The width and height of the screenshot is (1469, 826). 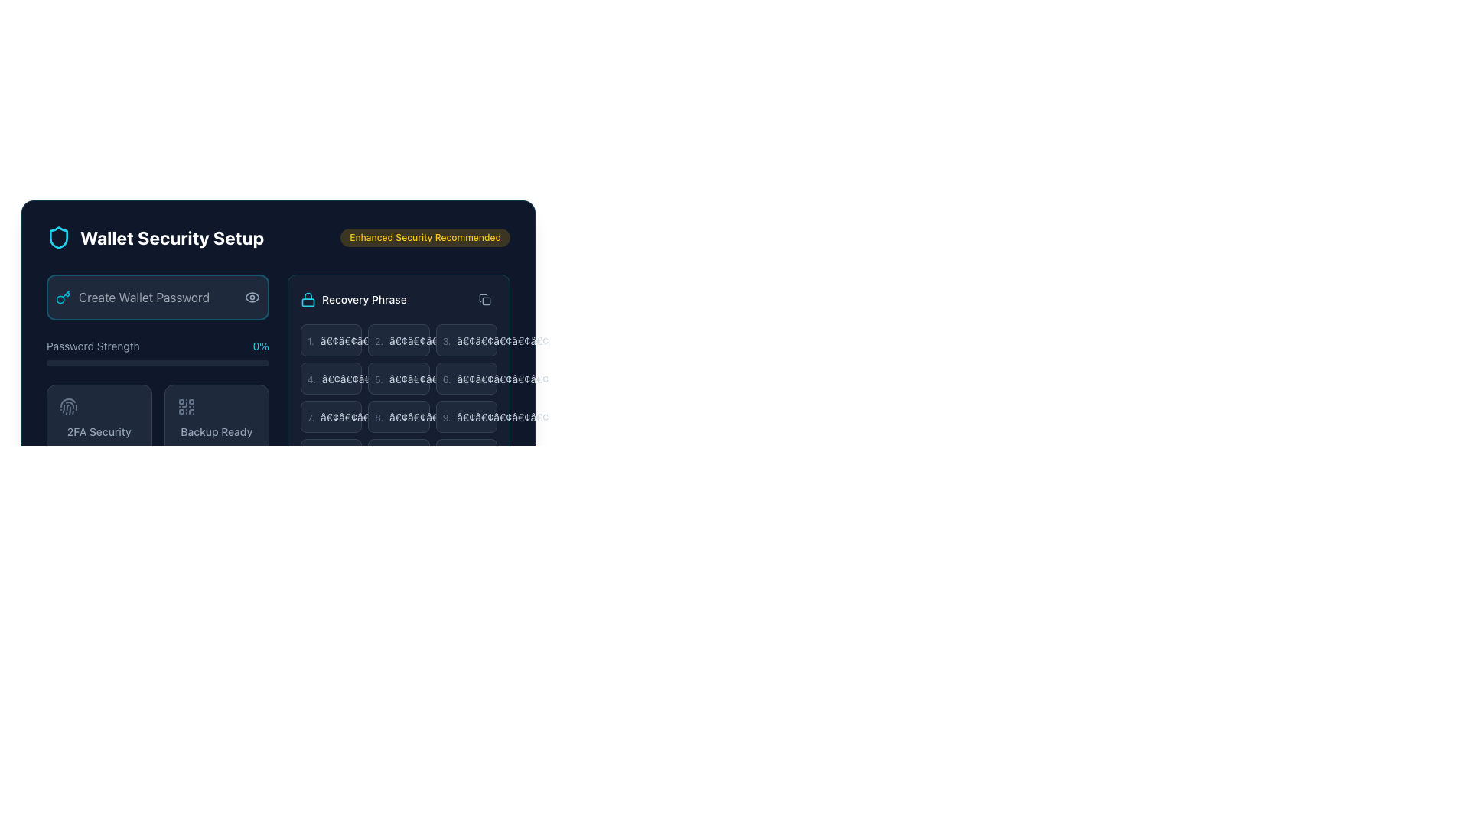 What do you see at coordinates (216, 431) in the screenshot?
I see `the text label that indicates the status of 'Backup Ready', which is located in the lower left quadrant of the interface, below a QR code icon` at bounding box center [216, 431].